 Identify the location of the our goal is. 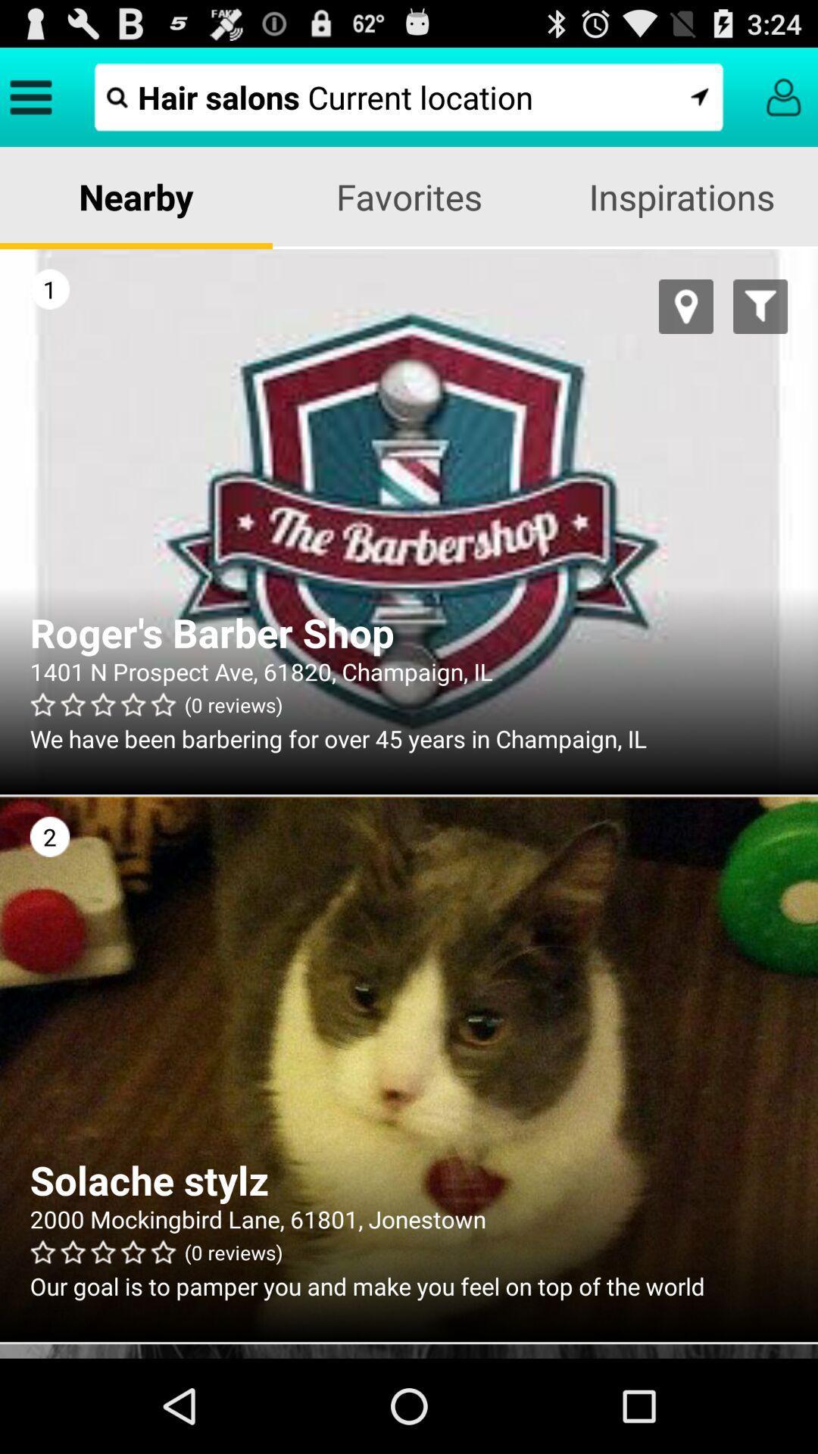
(409, 1285).